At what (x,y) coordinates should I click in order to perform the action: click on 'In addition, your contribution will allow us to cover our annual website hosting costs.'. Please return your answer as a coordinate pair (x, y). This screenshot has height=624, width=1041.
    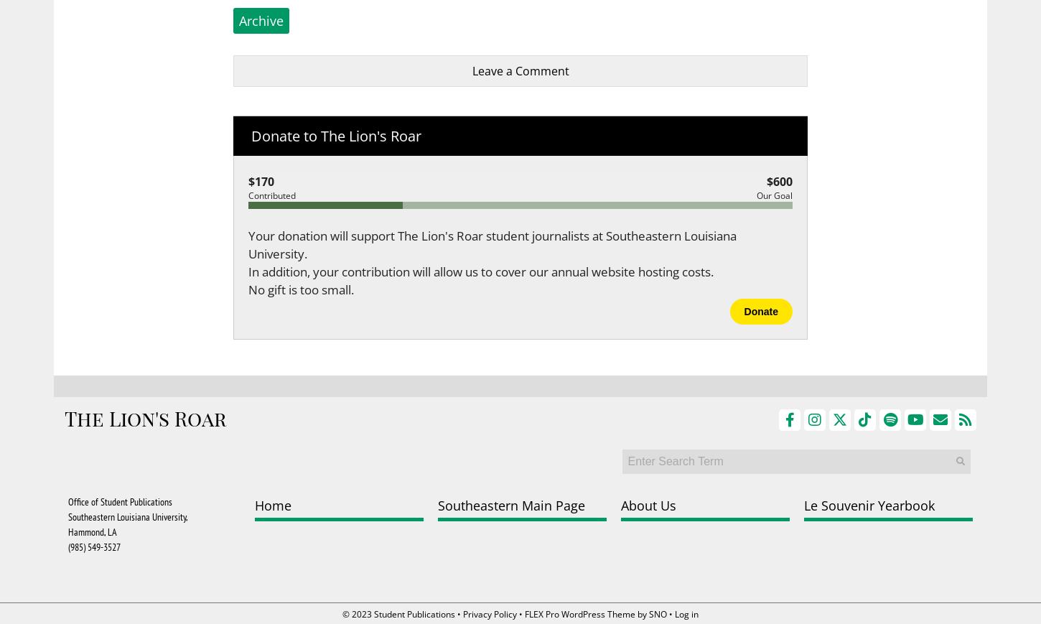
    Looking at the image, I should click on (480, 271).